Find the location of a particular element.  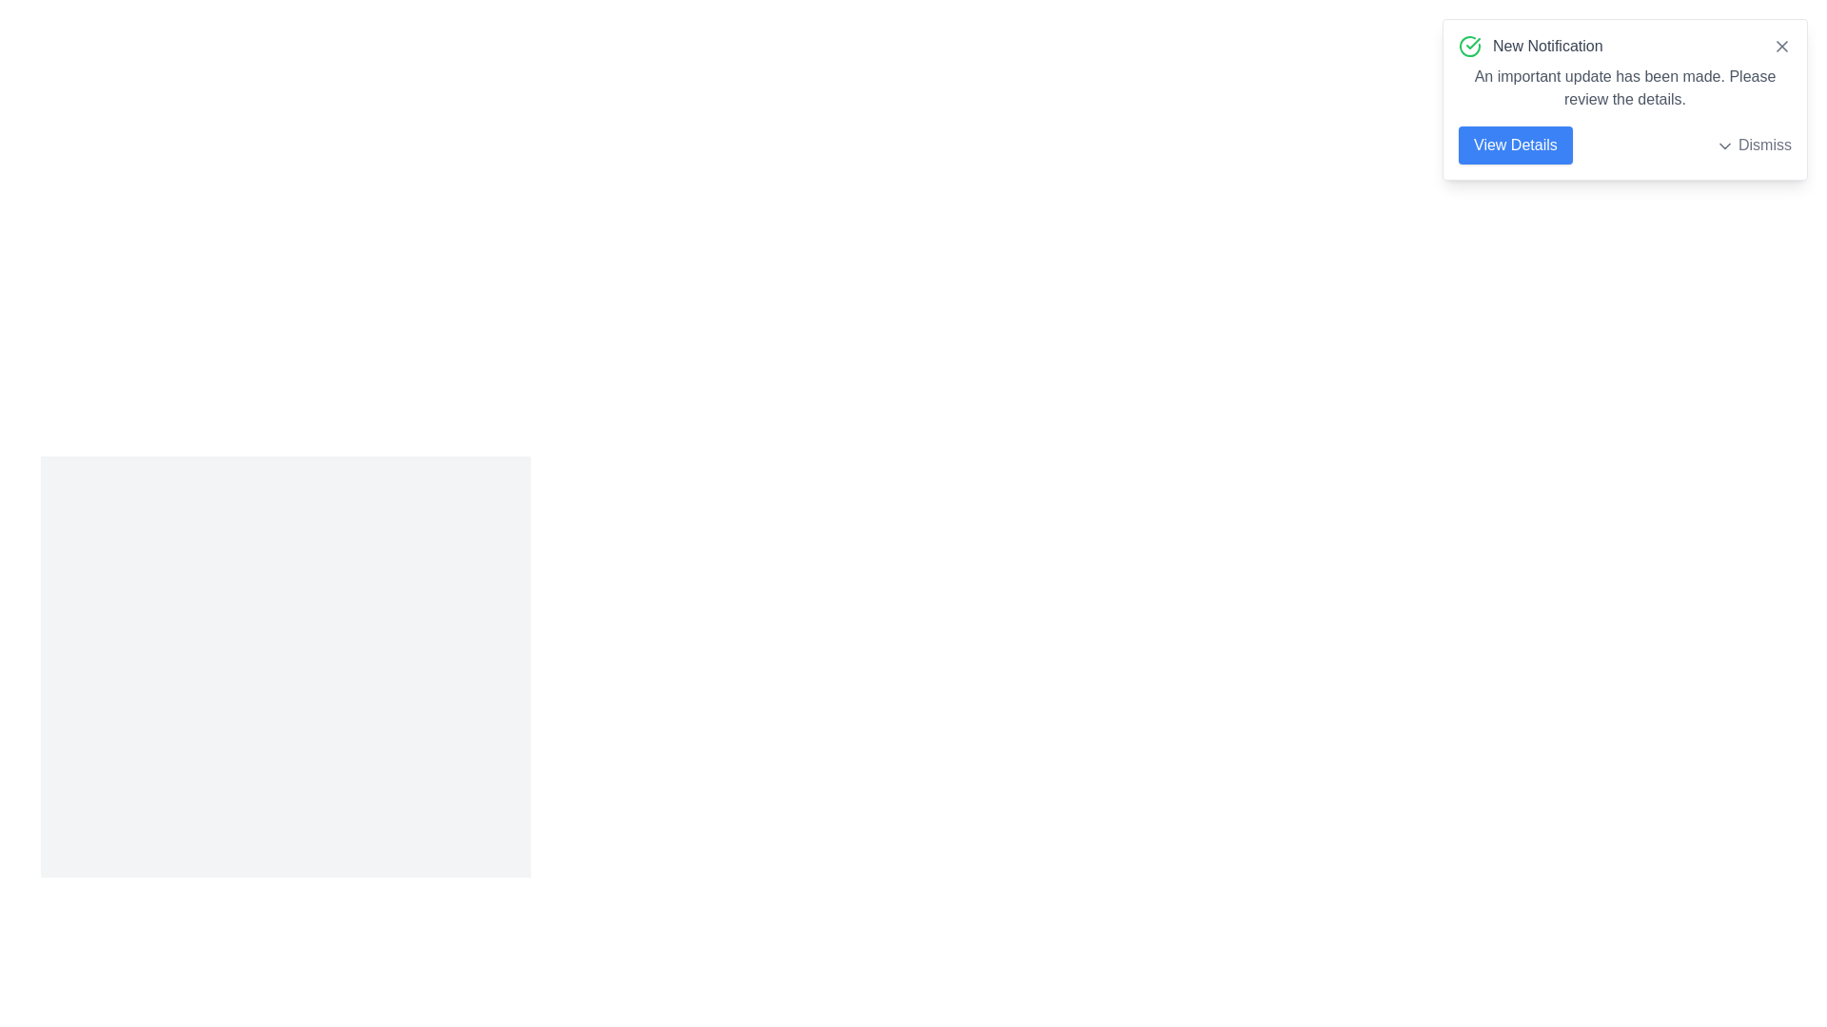

the text content of the alert and copy it to the clipboard is located at coordinates (1457, 65).